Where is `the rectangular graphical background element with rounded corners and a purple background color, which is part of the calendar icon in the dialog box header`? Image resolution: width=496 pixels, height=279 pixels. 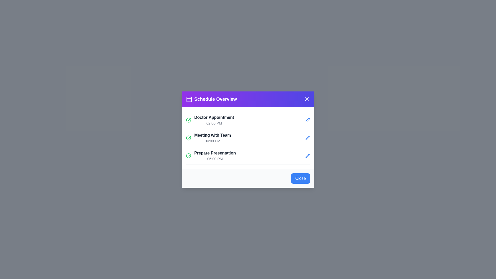
the rectangular graphical background element with rounded corners and a purple background color, which is part of the calendar icon in the dialog box header is located at coordinates (189, 99).